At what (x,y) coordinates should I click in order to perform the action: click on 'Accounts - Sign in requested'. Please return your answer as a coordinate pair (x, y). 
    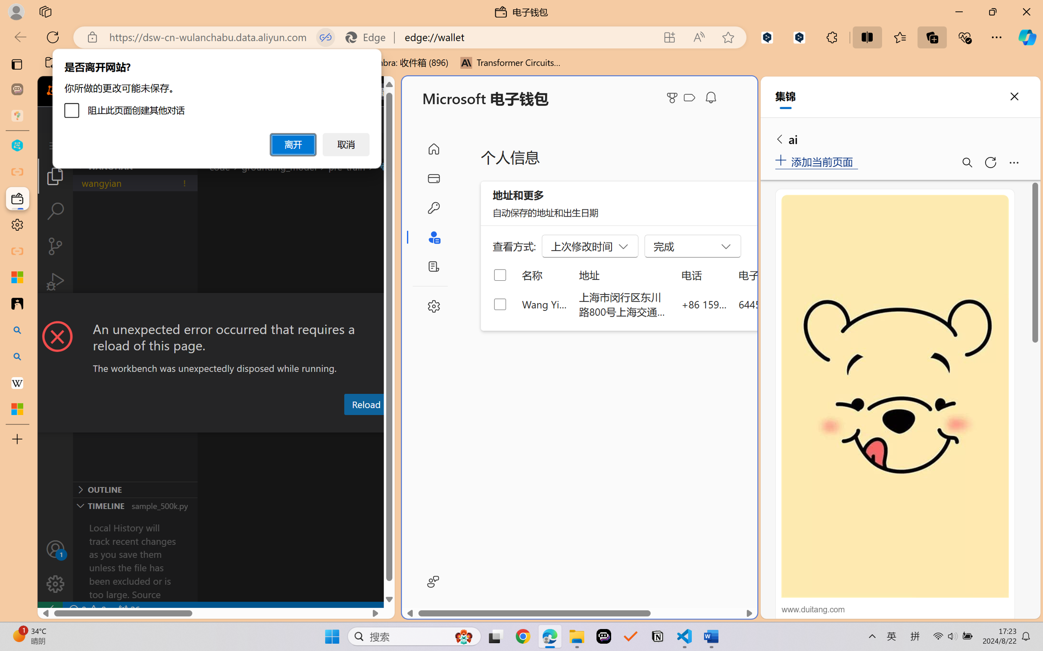
    Looking at the image, I should click on (55, 549).